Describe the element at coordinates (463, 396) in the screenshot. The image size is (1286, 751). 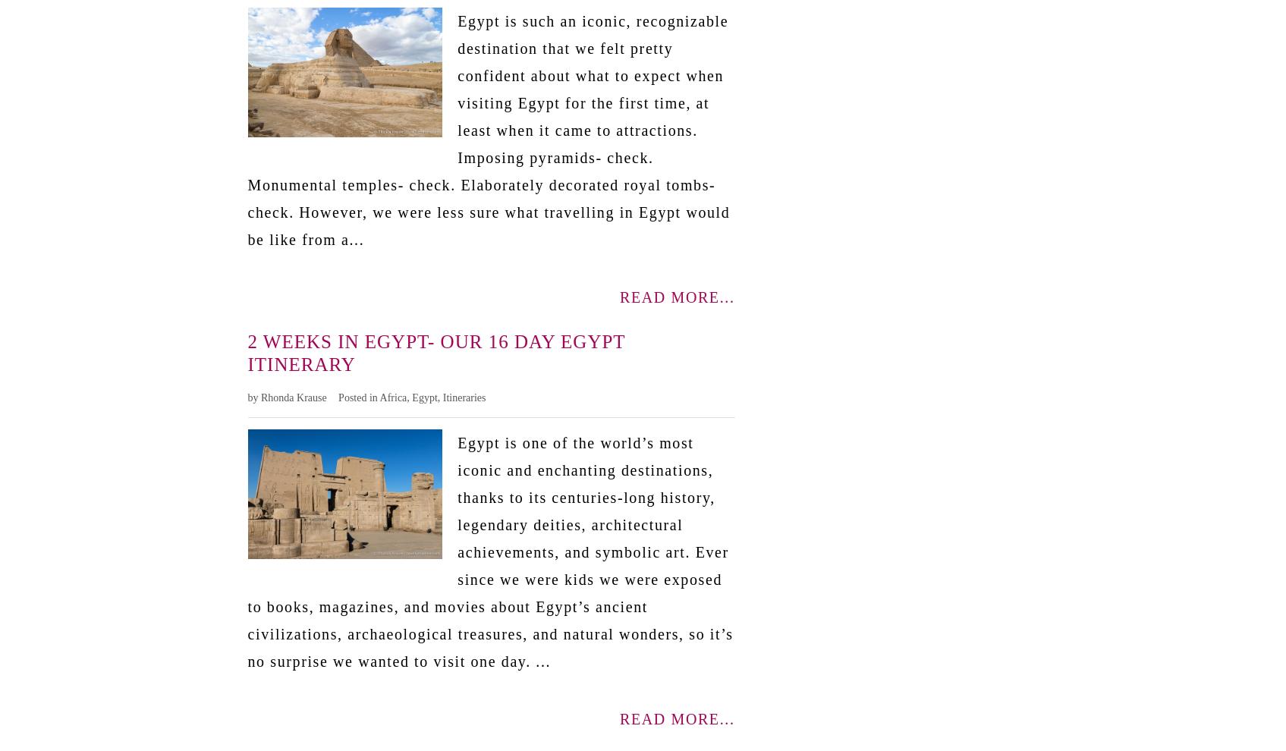
I see `'Itineraries'` at that location.